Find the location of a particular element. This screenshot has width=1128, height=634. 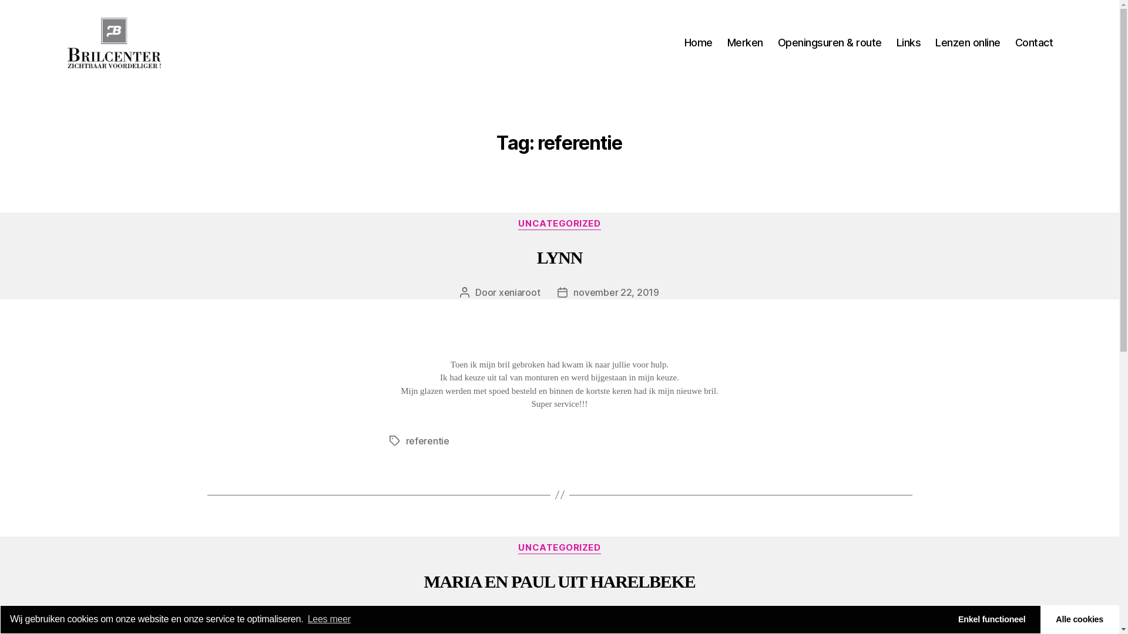

'Alle cookies' is located at coordinates (1079, 619).